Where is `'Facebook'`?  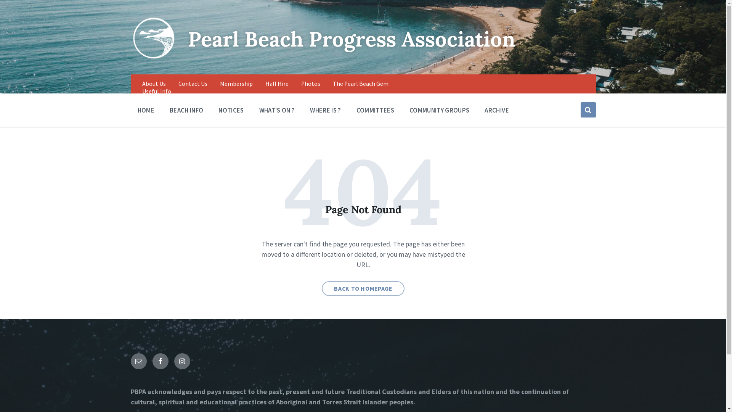 'Facebook' is located at coordinates (160, 361).